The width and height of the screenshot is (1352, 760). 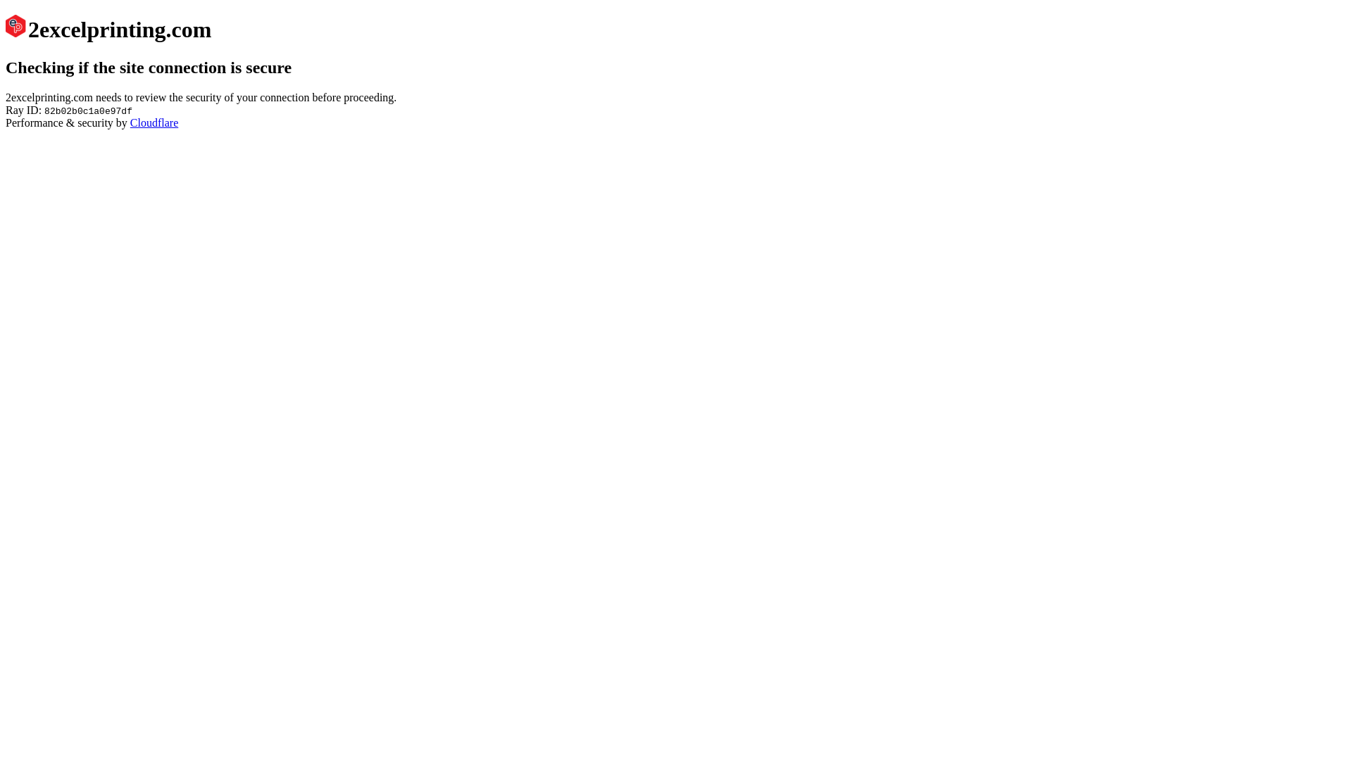 What do you see at coordinates (154, 122) in the screenshot?
I see `'Cloudflare'` at bounding box center [154, 122].